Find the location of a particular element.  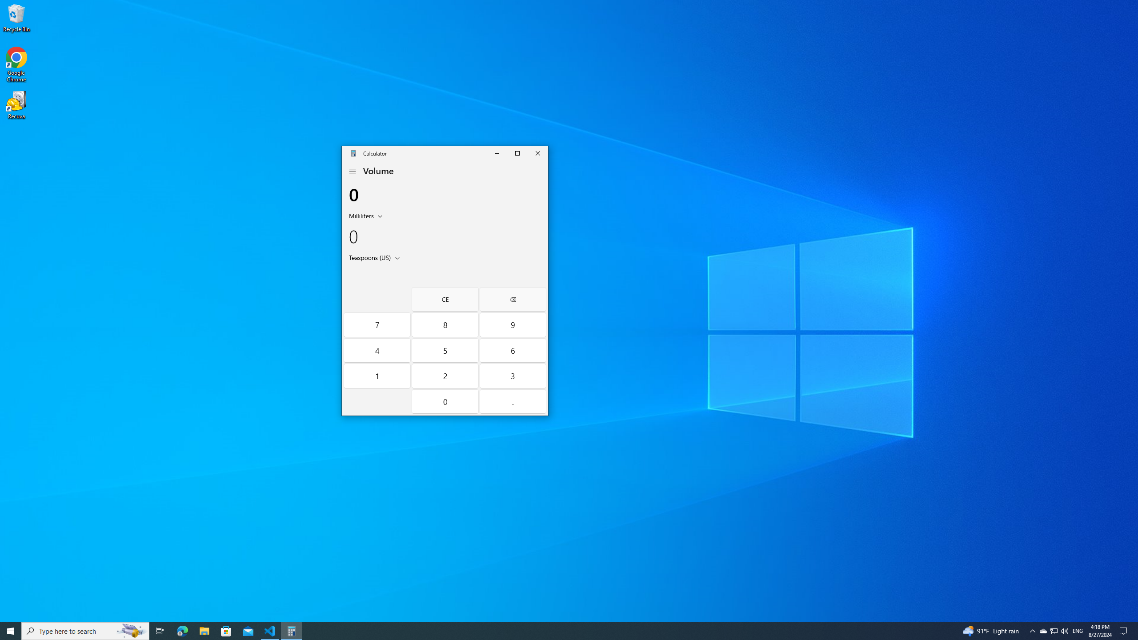

'Input unit' is located at coordinates (367, 216).